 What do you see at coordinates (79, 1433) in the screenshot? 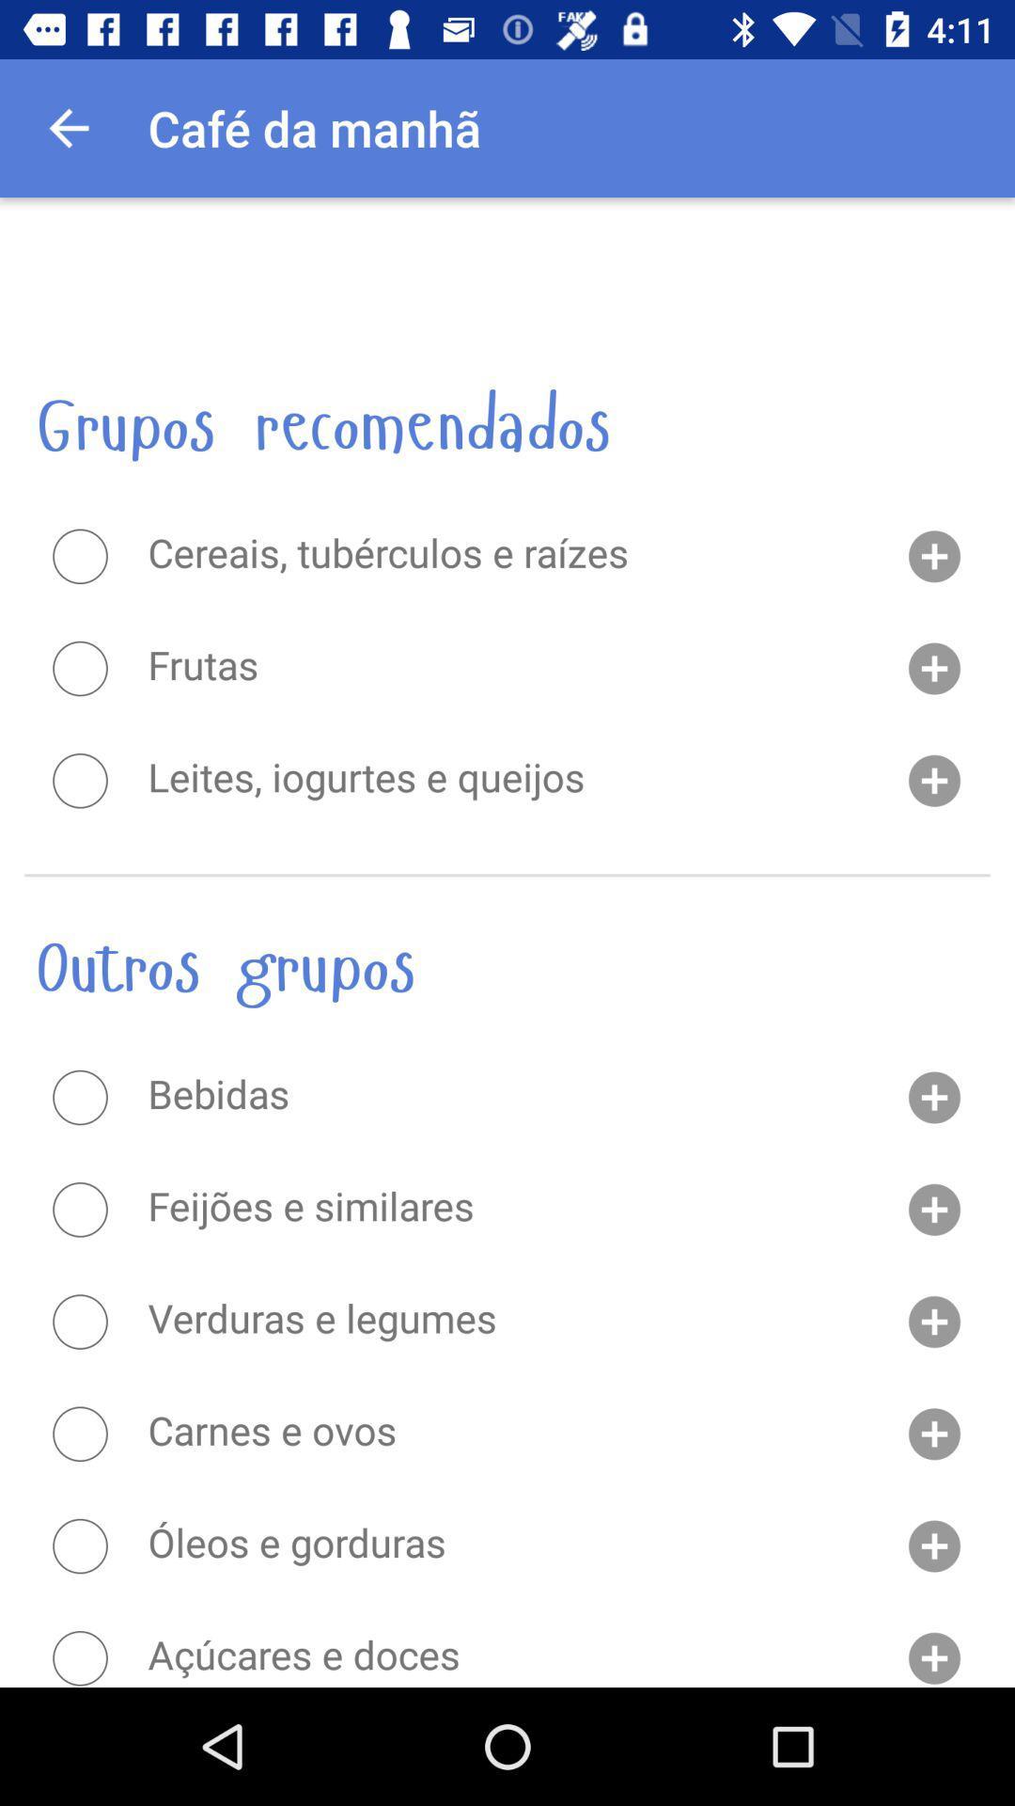
I see `tap to select` at bounding box center [79, 1433].